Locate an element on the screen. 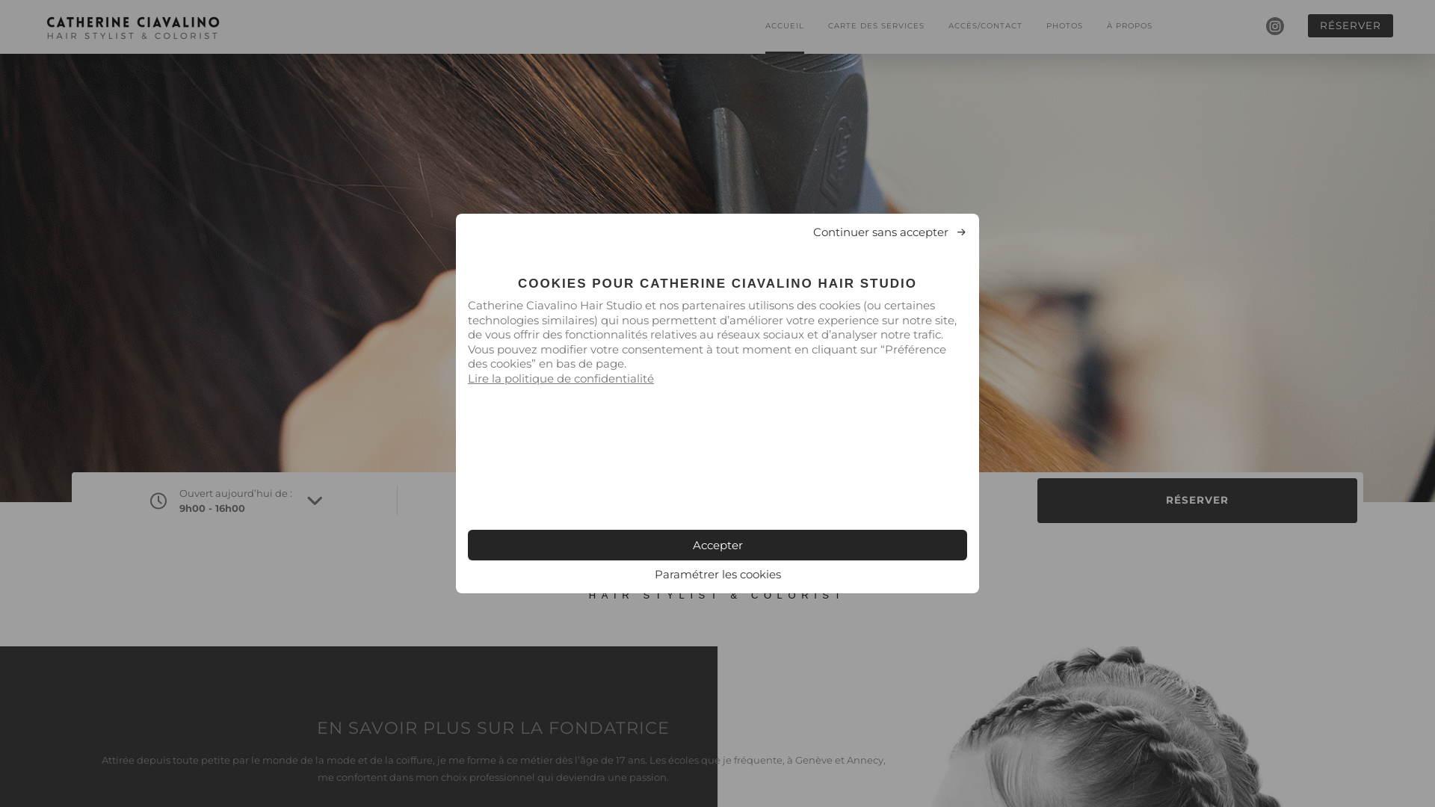  'CARTE DES SERVICES' is located at coordinates (876, 25).